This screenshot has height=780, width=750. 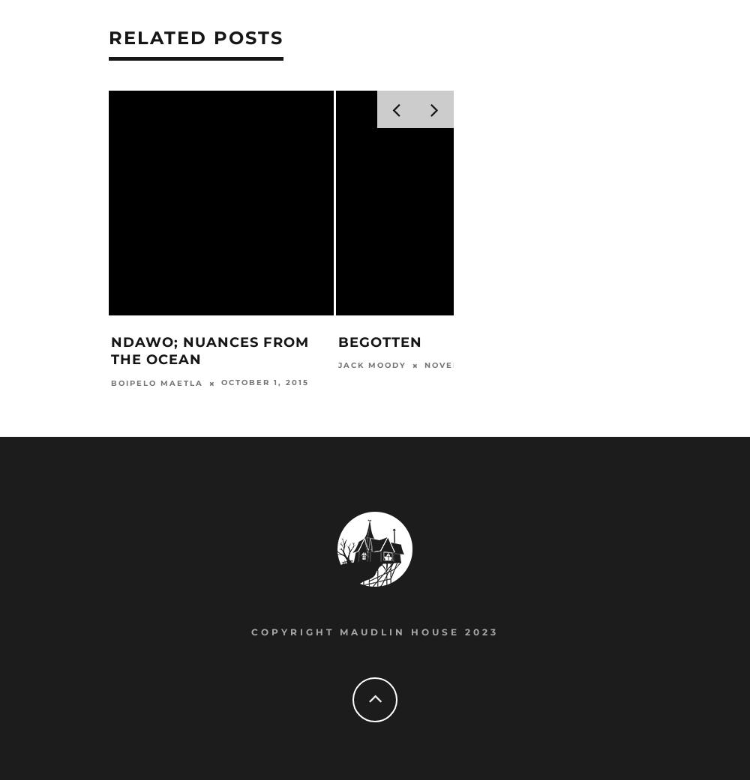 I want to click on 'Begotten', so click(x=380, y=342).